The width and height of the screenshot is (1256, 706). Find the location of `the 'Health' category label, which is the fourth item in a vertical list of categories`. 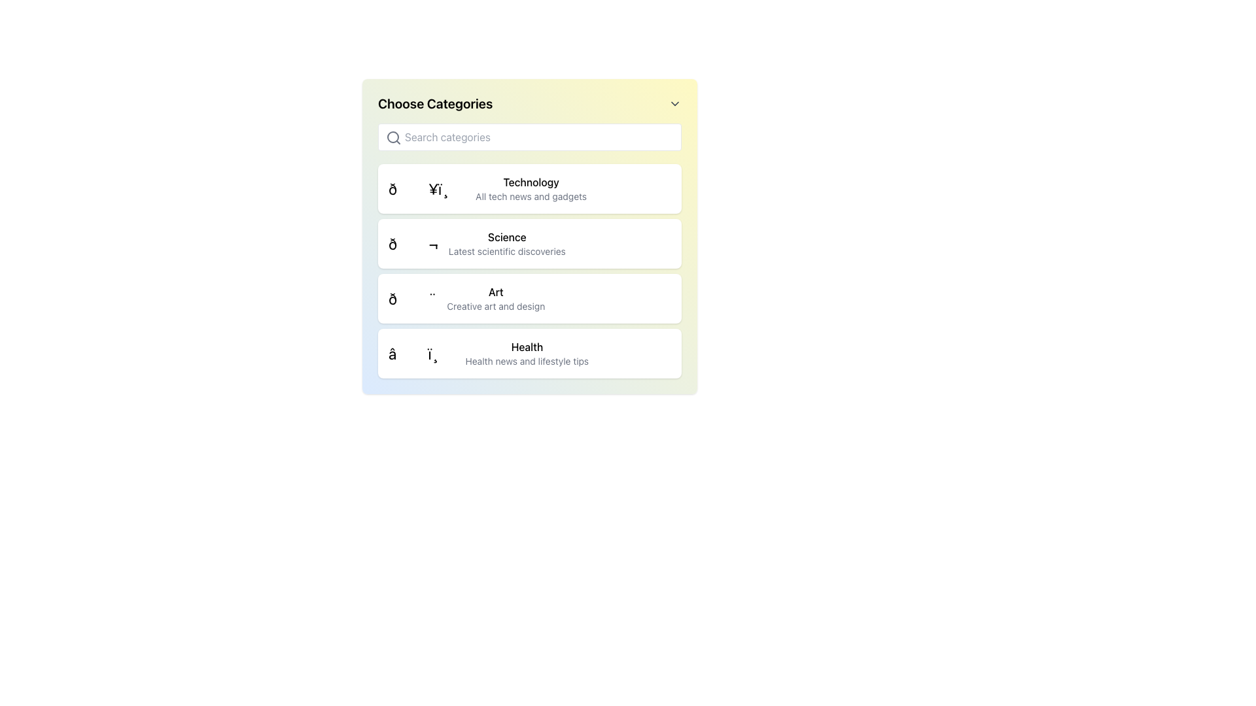

the 'Health' category label, which is the fourth item in a vertical list of categories is located at coordinates (527, 353).